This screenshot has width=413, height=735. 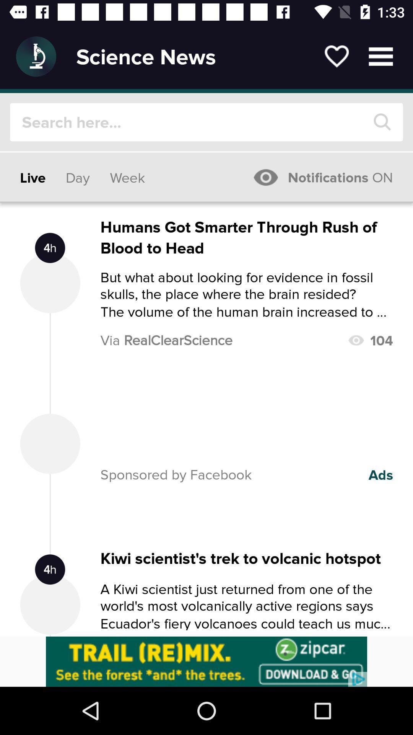 I want to click on the menu icon, so click(x=380, y=56).